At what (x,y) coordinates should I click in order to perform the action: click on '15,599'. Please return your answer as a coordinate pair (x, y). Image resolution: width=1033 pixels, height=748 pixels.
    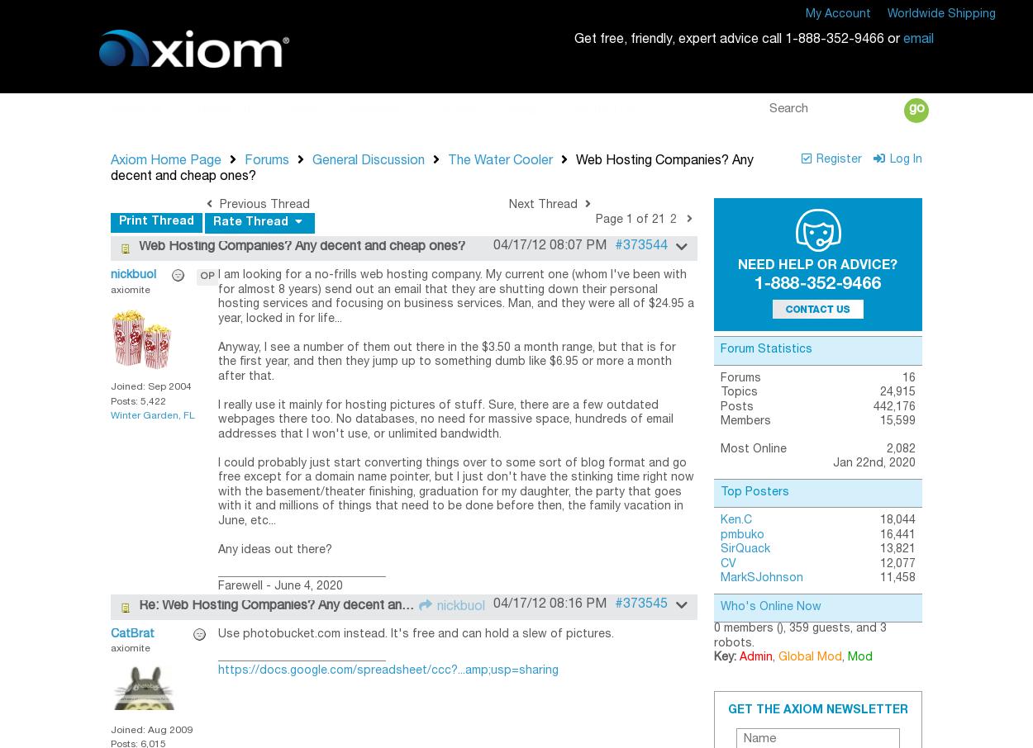
    Looking at the image, I should click on (896, 421).